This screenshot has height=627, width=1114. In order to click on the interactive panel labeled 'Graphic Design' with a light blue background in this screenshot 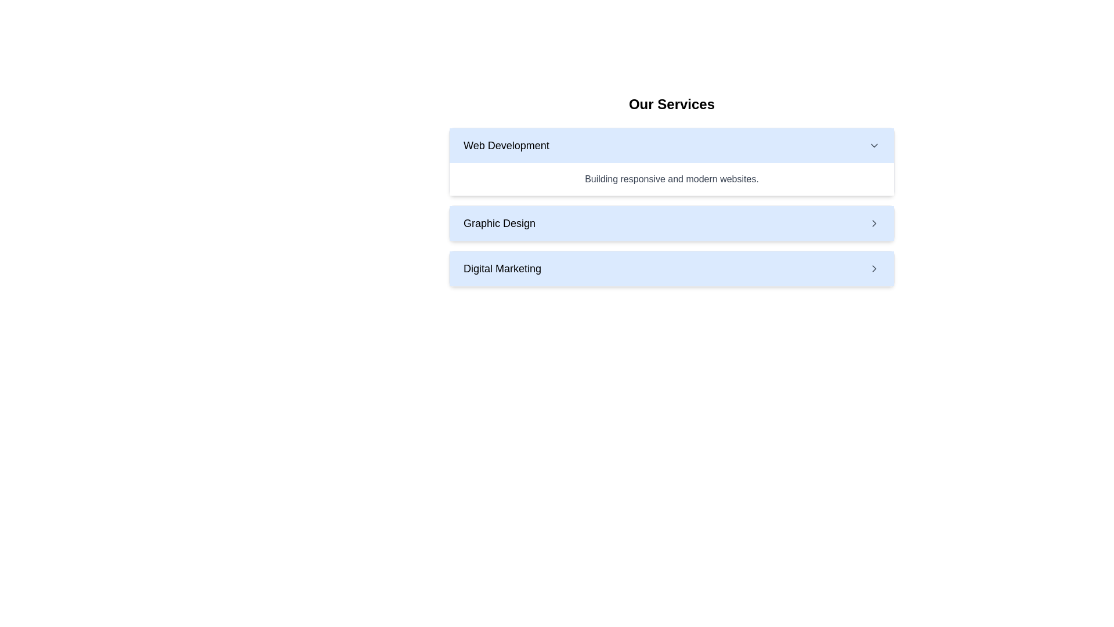, I will do `click(671, 224)`.